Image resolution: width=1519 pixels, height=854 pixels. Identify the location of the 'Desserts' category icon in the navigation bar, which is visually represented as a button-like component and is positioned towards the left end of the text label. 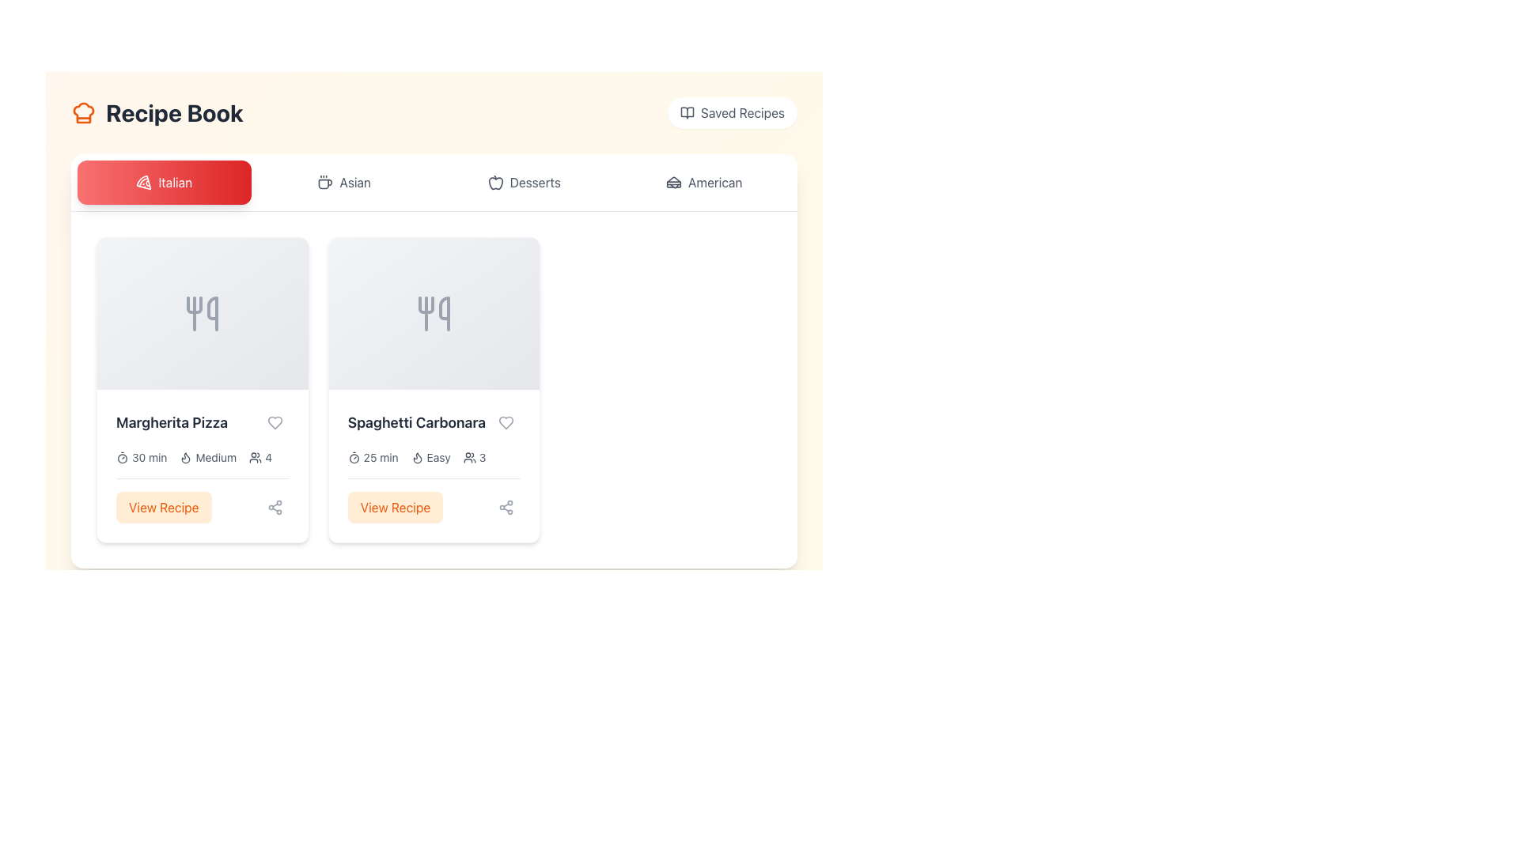
(494, 182).